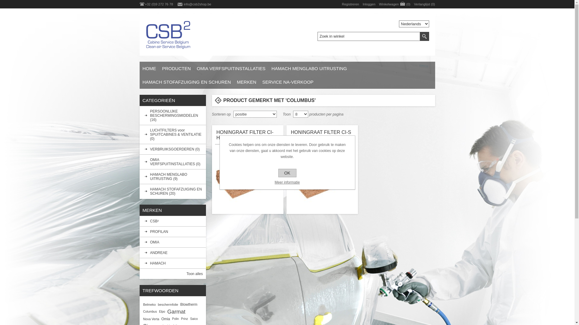 This screenshot has width=579, height=325. Describe the element at coordinates (172, 253) in the screenshot. I see `'ANDREAE'` at that location.